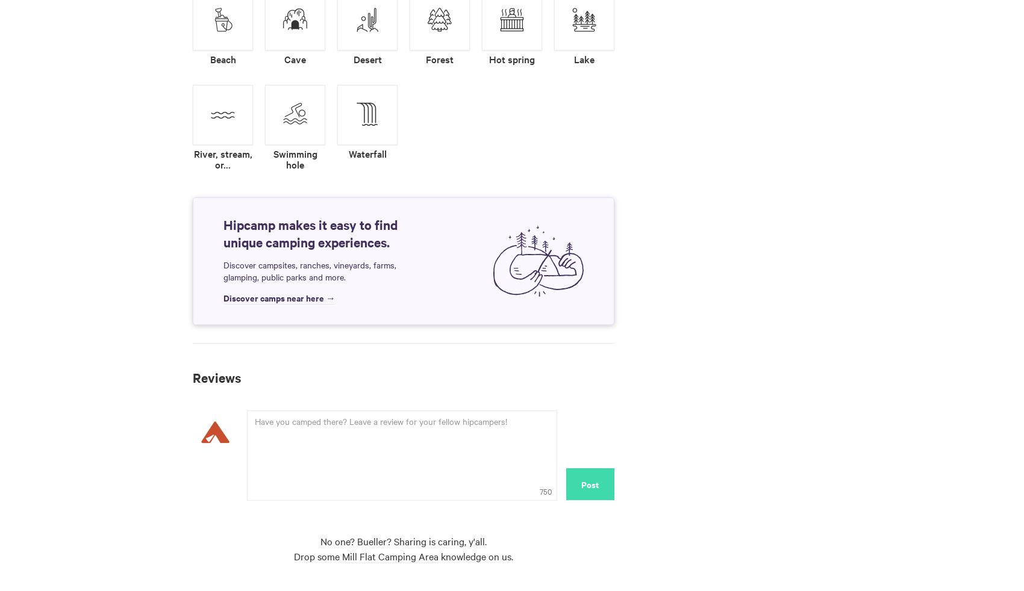 The width and height of the screenshot is (1024, 591). What do you see at coordinates (310, 270) in the screenshot?
I see `'Discover campsites, ranches, vineyards, farms, glamping, public parks and more.'` at bounding box center [310, 270].